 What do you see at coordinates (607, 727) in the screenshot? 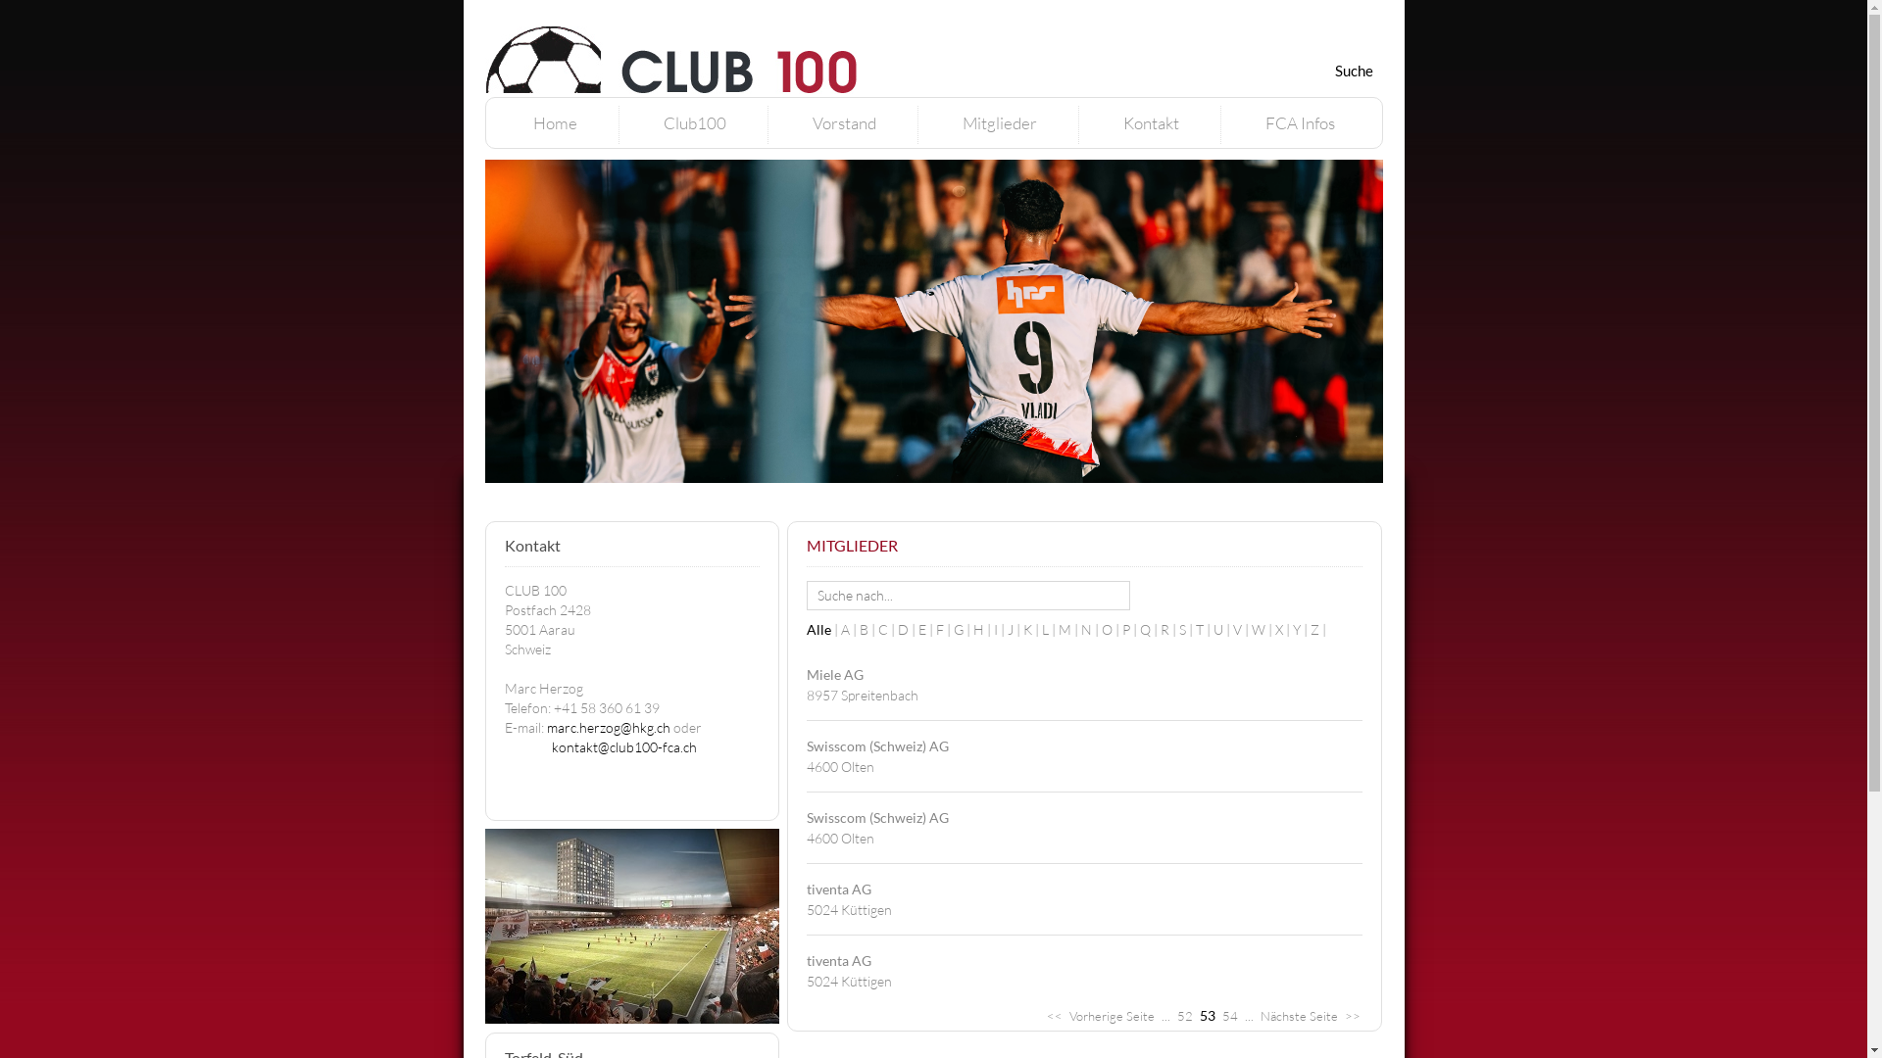
I see `'marc.herzog@hkg.ch'` at bounding box center [607, 727].